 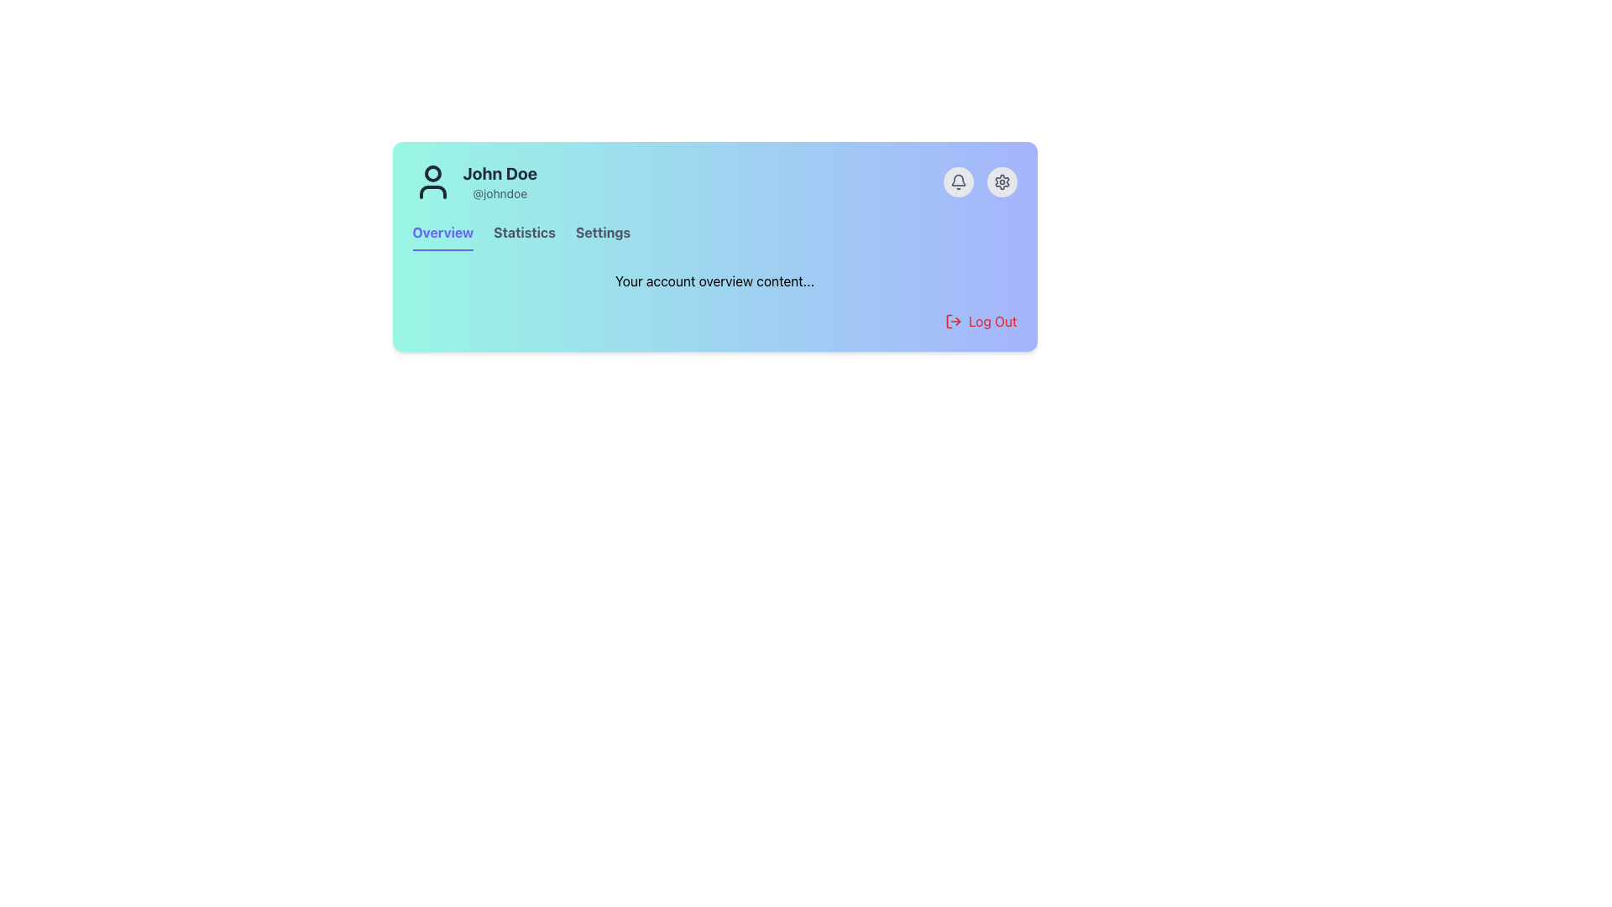 I want to click on the Text Block containing the name 'John Doe' and the username '@johndoe' which is styled with a bold dark font and a smaller gray font, positioned at the center right of a user icon, so click(x=499, y=181).